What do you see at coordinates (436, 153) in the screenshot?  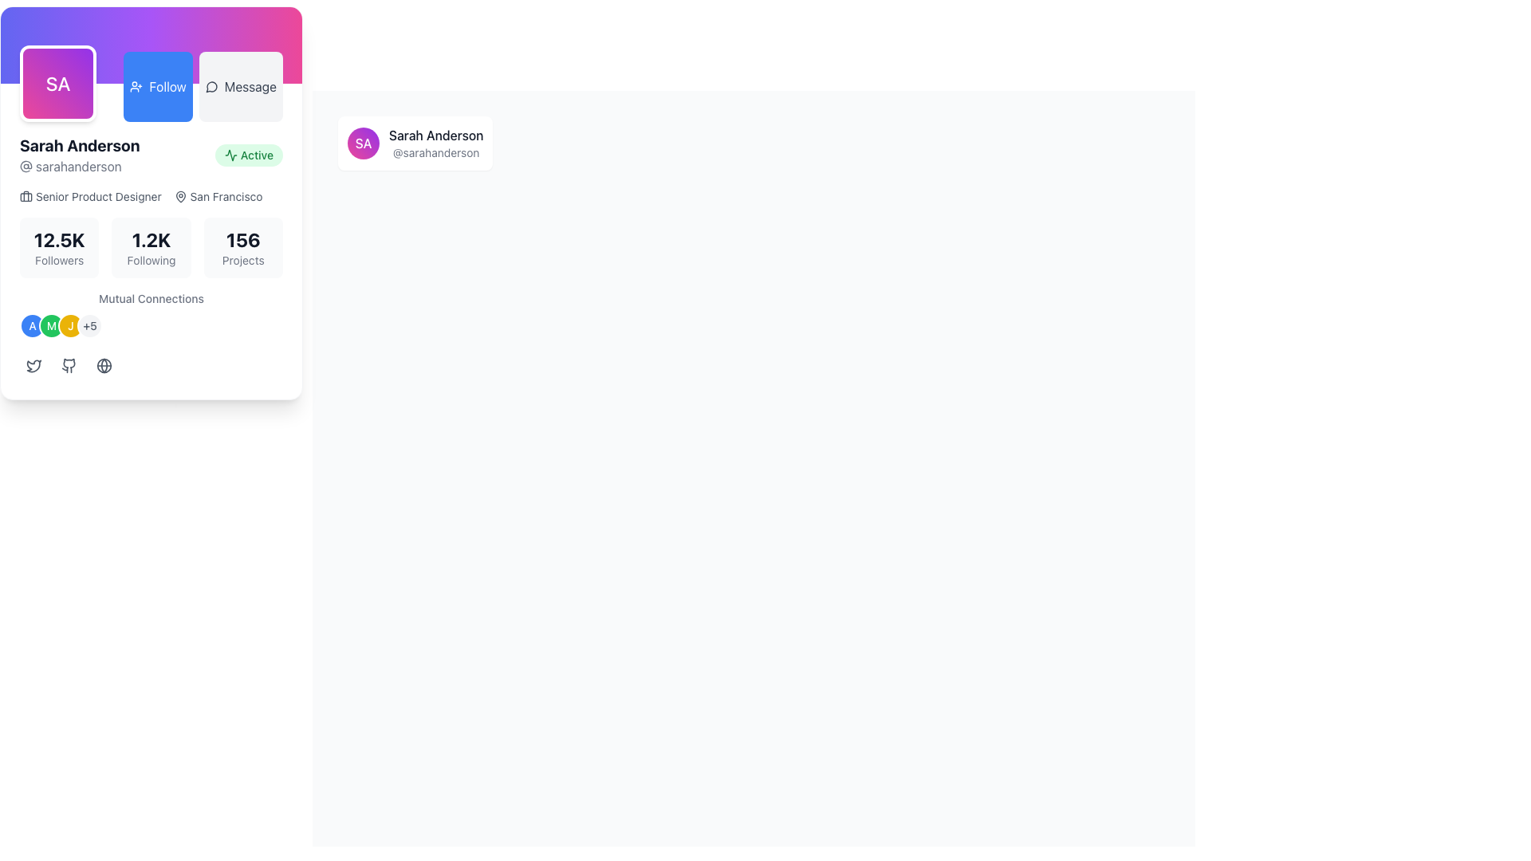 I see `the text label displaying '@sarahanderson'` at bounding box center [436, 153].